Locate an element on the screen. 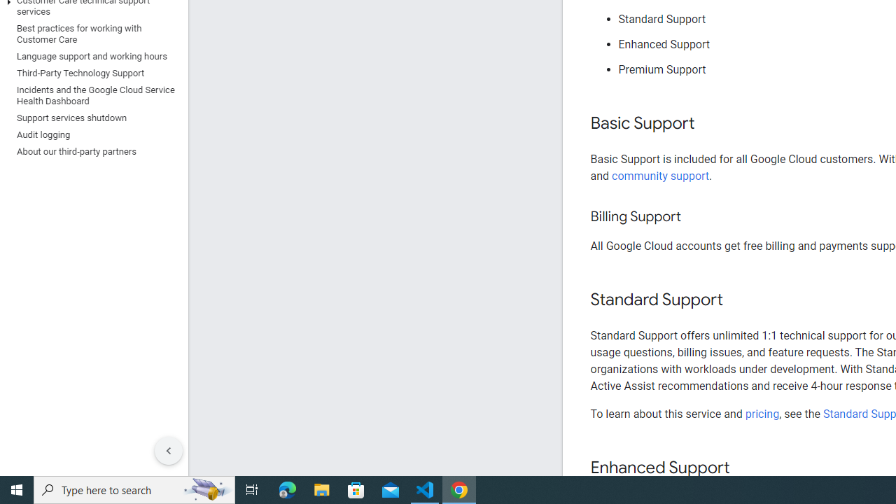 This screenshot has height=504, width=896. 'Incidents and the Google Cloud Service Health Dashboard' is located at coordinates (90, 94).